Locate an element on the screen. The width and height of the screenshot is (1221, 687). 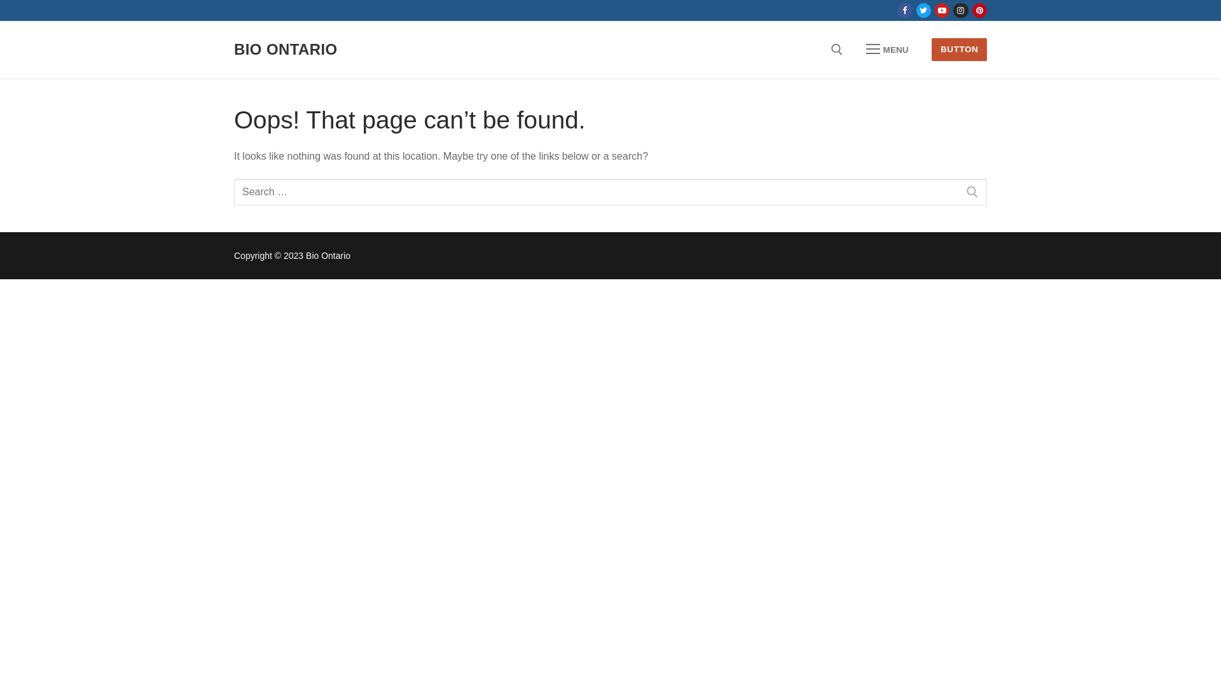
'Pinterest' is located at coordinates (979, 10).